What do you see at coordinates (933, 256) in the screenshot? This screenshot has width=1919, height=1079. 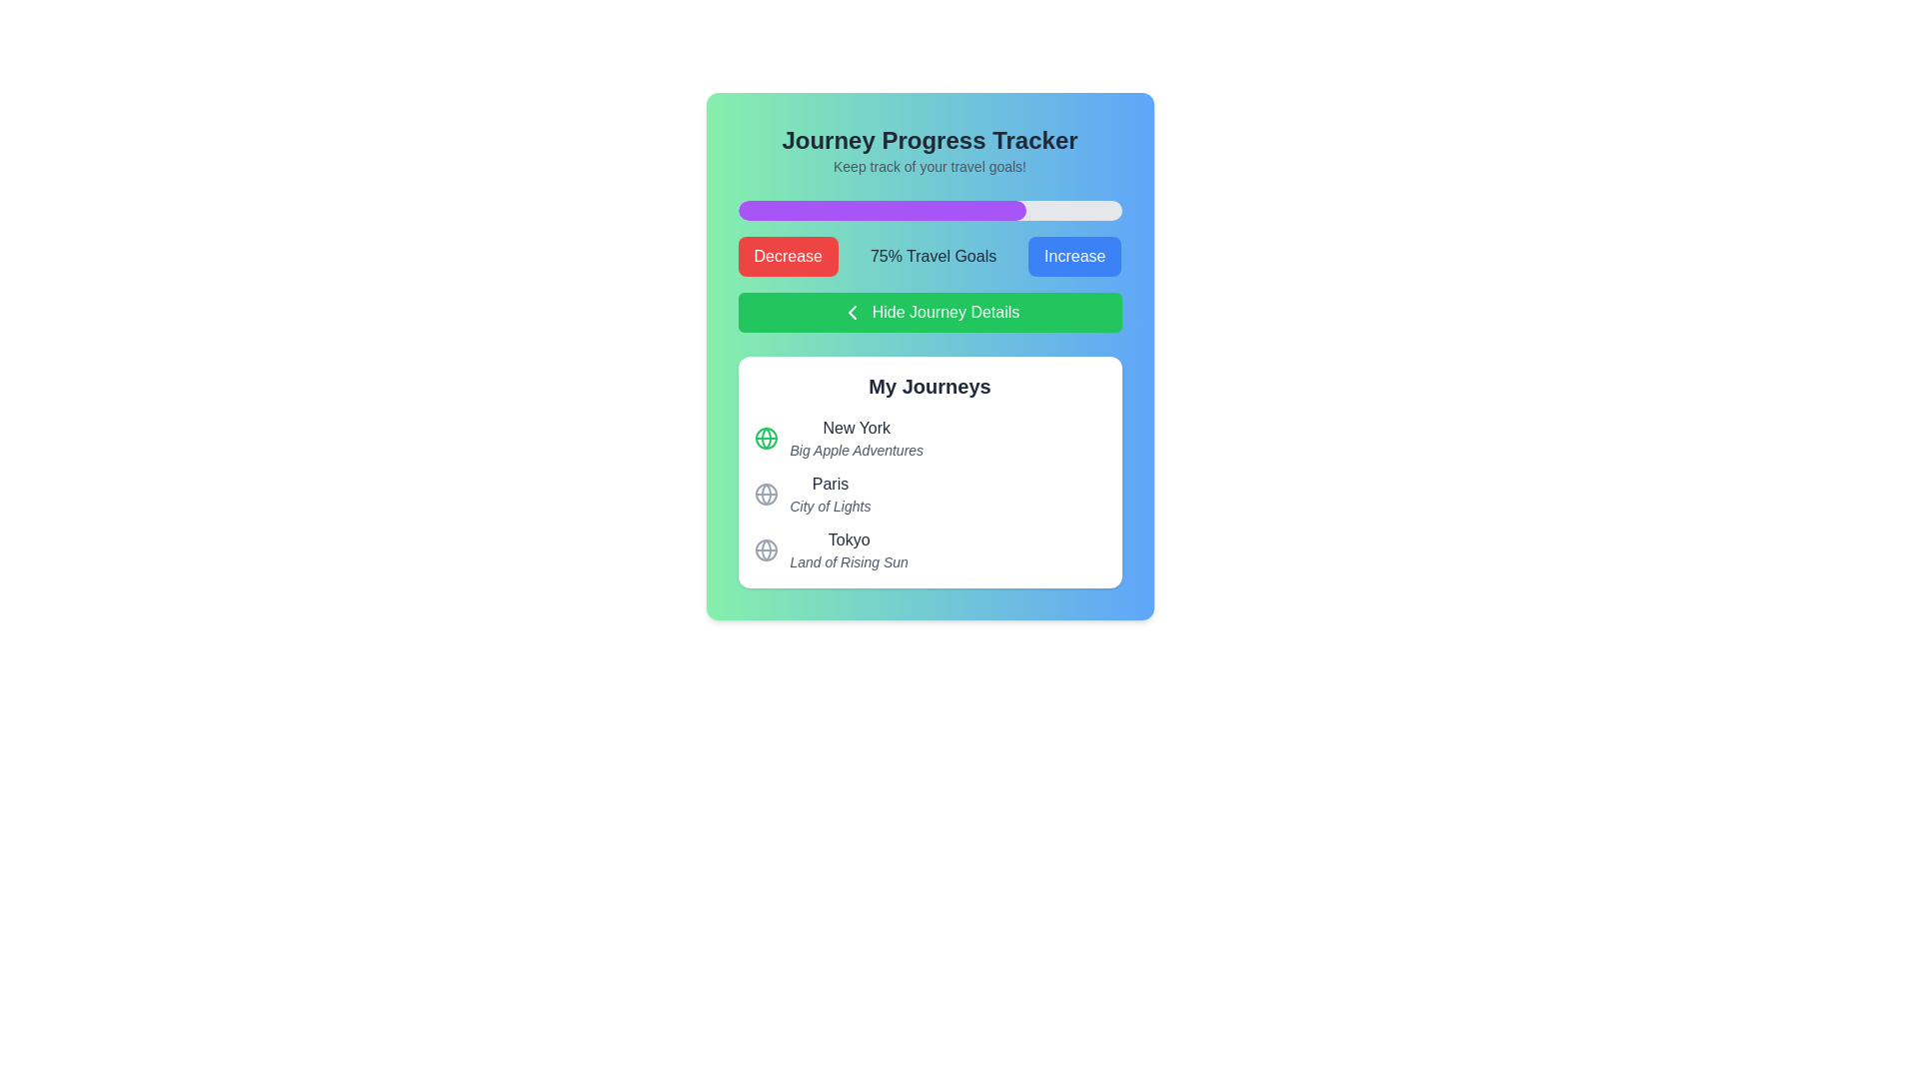 I see `the text label that indicates the current progress or status of travel objectives, positioned between the 'Decrease' and 'Increase' buttons` at bounding box center [933, 256].